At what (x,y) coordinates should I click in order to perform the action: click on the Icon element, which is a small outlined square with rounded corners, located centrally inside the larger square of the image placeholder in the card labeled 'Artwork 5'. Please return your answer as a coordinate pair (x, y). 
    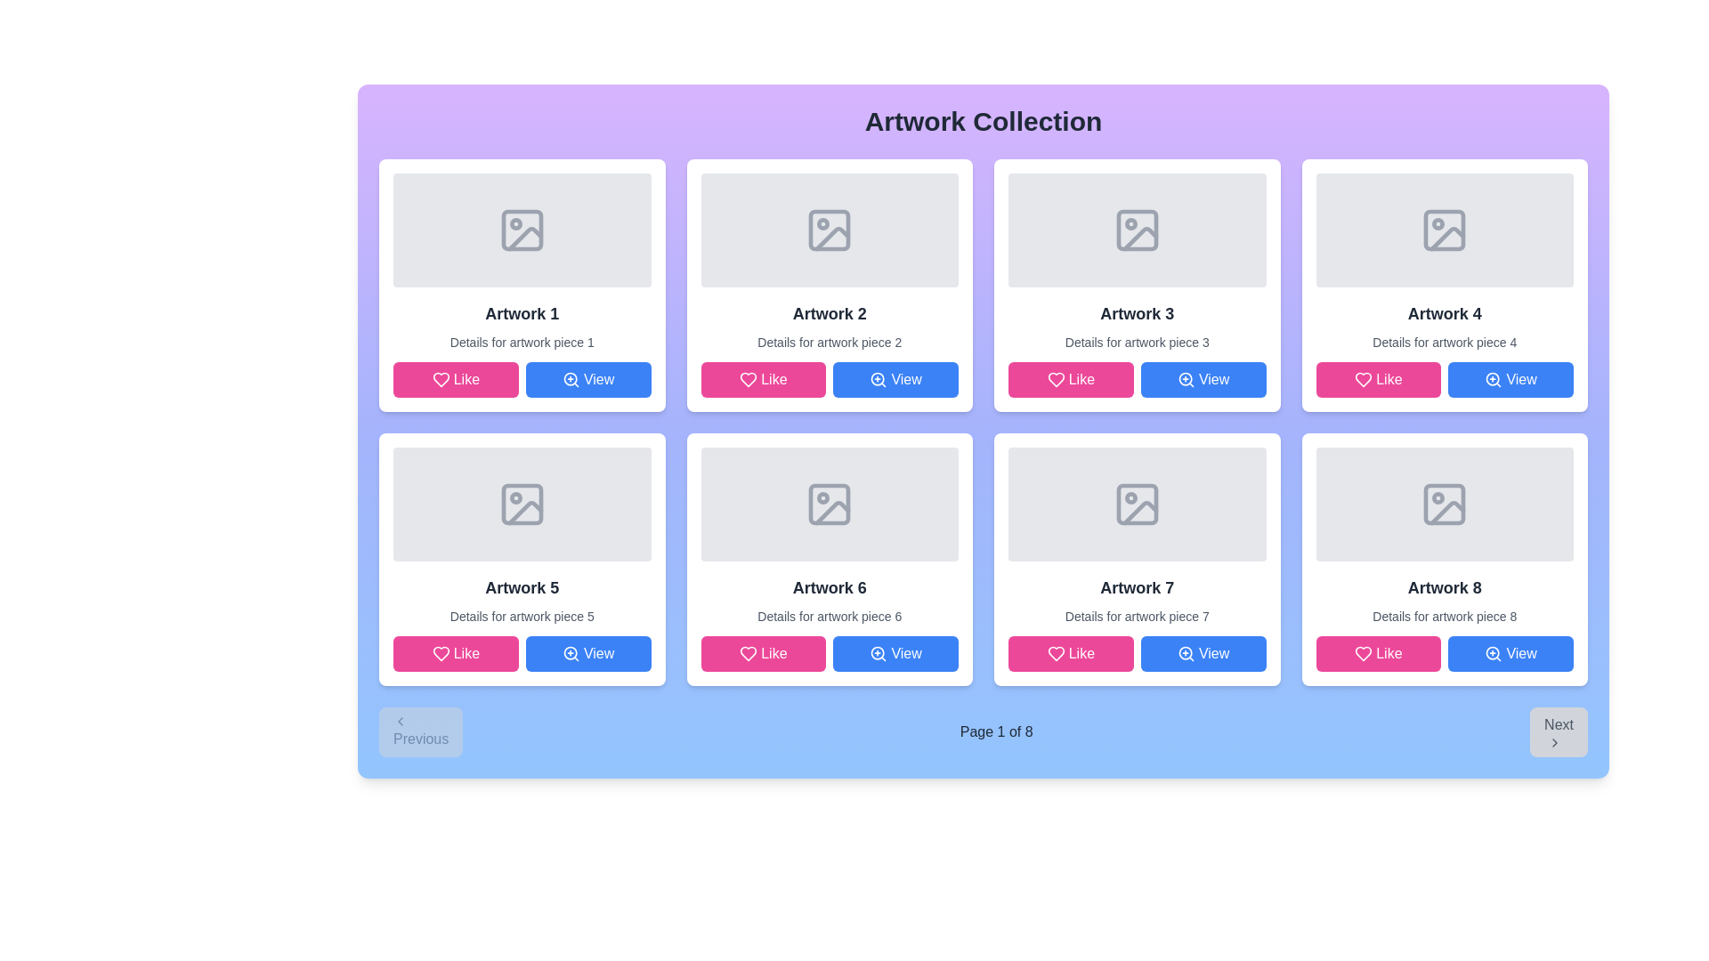
    Looking at the image, I should click on (521, 505).